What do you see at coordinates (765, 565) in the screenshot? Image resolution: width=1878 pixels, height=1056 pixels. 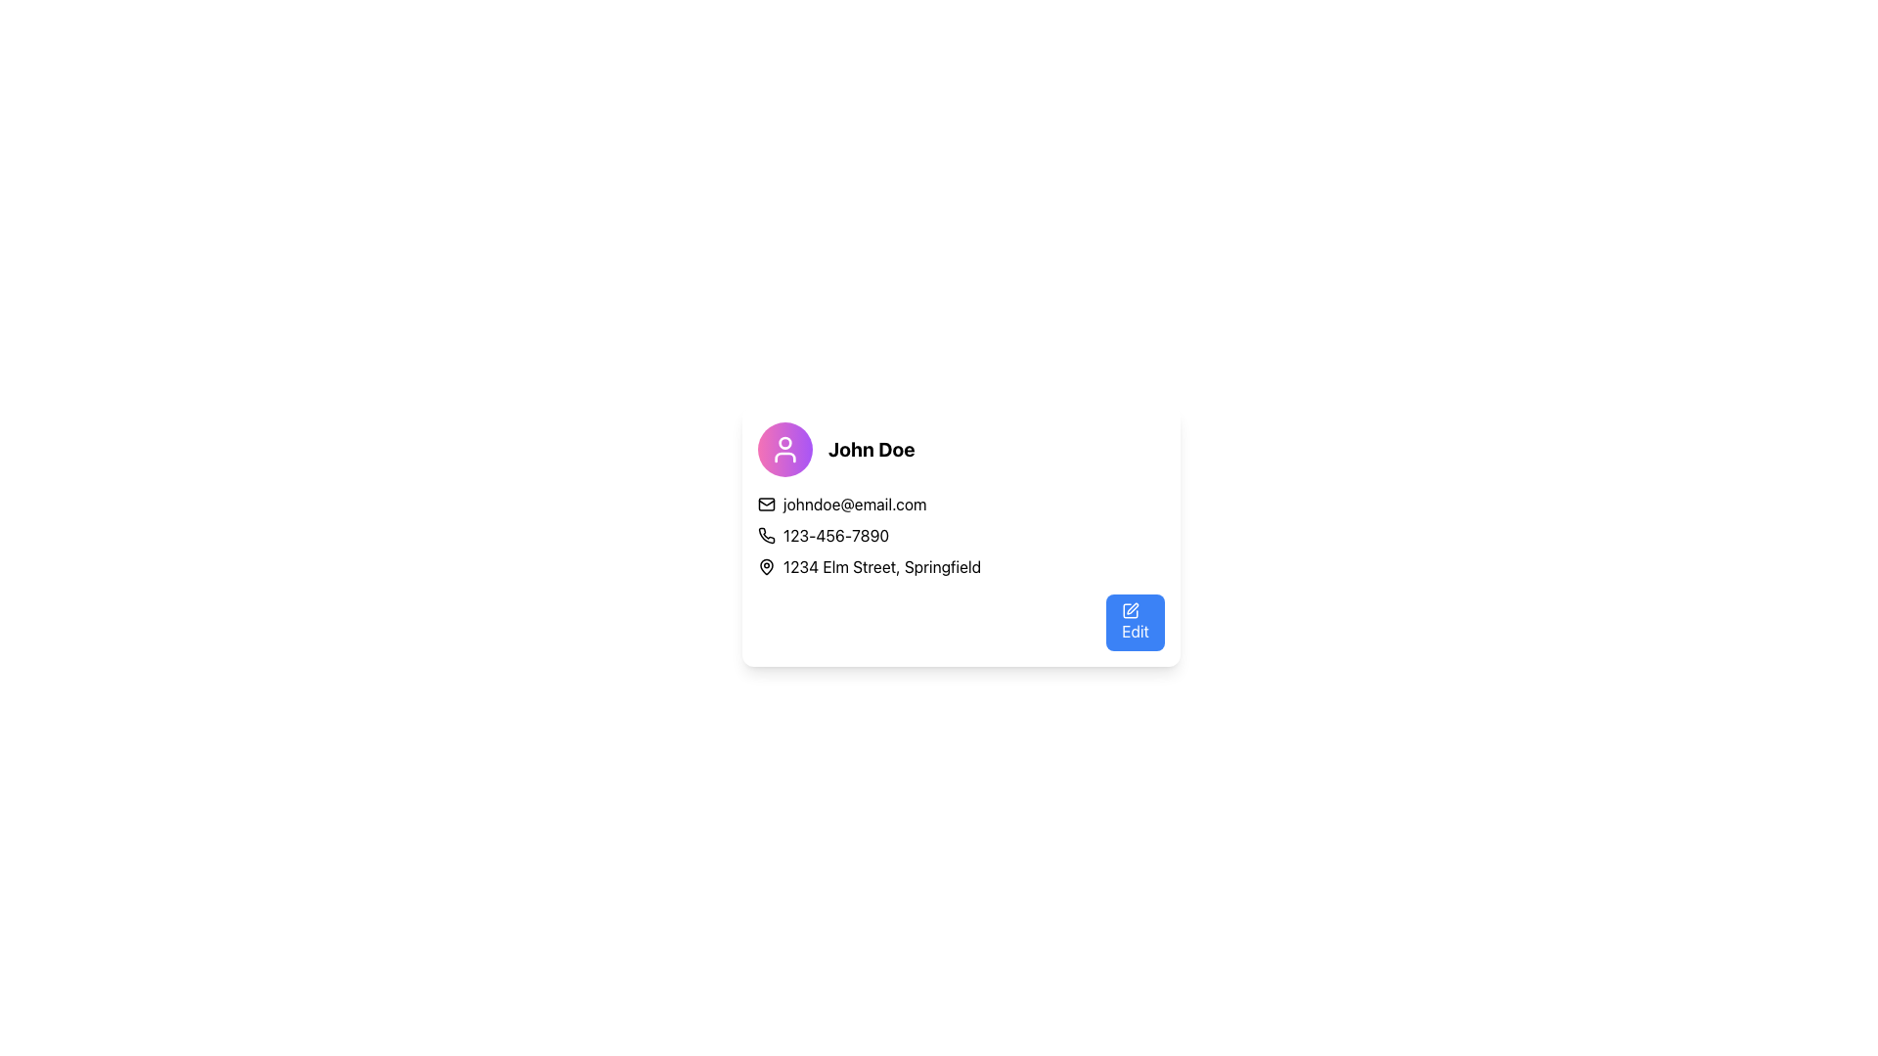 I see `the decorative location marker icon positioned to the left of the address '1234 Elm Street, Springfield' within the centrally located information card` at bounding box center [765, 565].